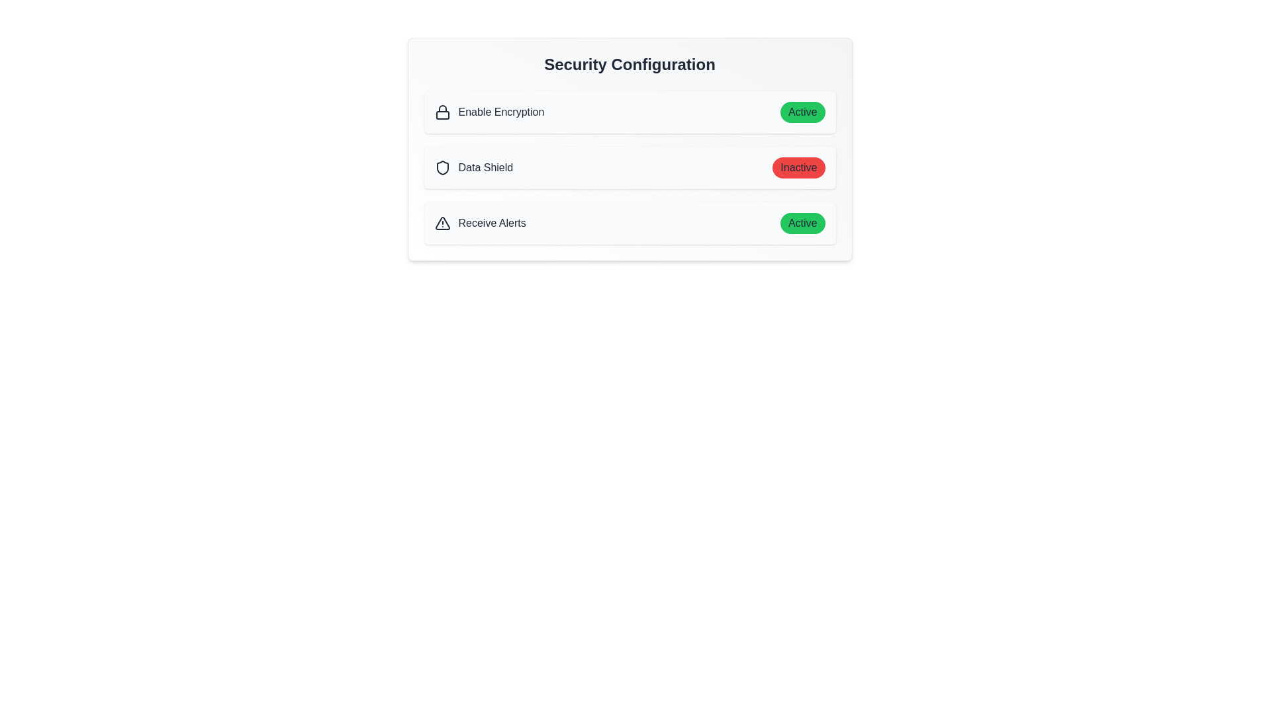 The width and height of the screenshot is (1271, 714). What do you see at coordinates (802, 223) in the screenshot?
I see `the 'Active' text label displayed in bold style within a green rounded rectangle button, located in the third row of the status indicators in the 'Security Configuration' panel` at bounding box center [802, 223].